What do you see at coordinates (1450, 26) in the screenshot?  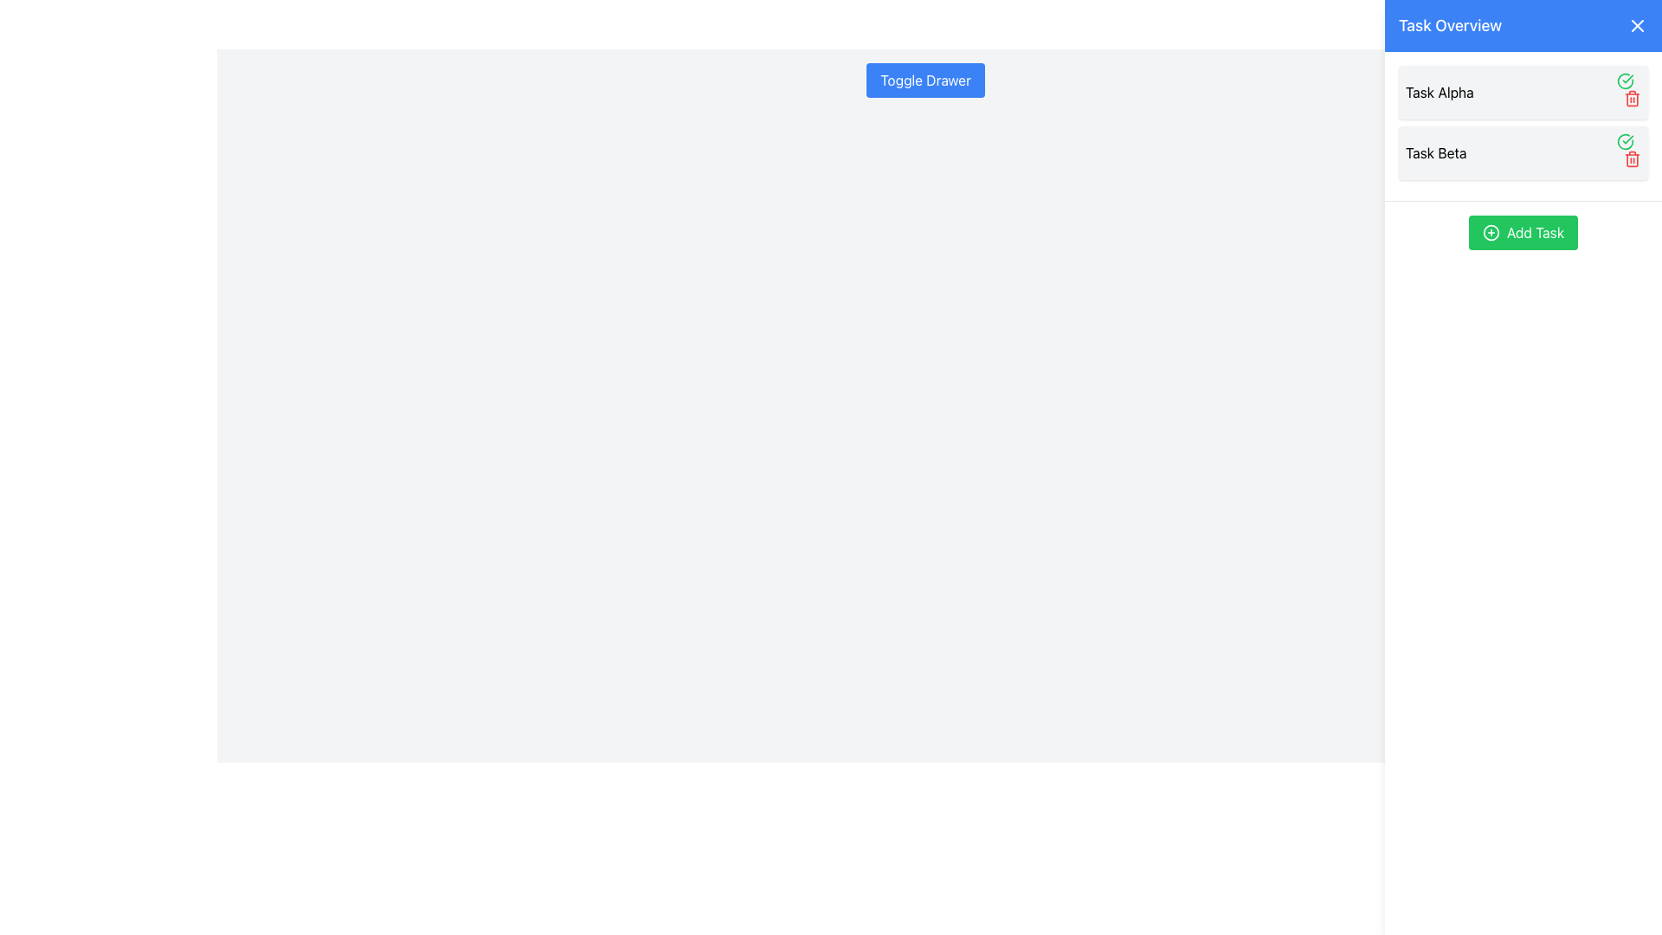 I see `header text located at the top-right of the interface, which serves as a title or label for the content below` at bounding box center [1450, 26].